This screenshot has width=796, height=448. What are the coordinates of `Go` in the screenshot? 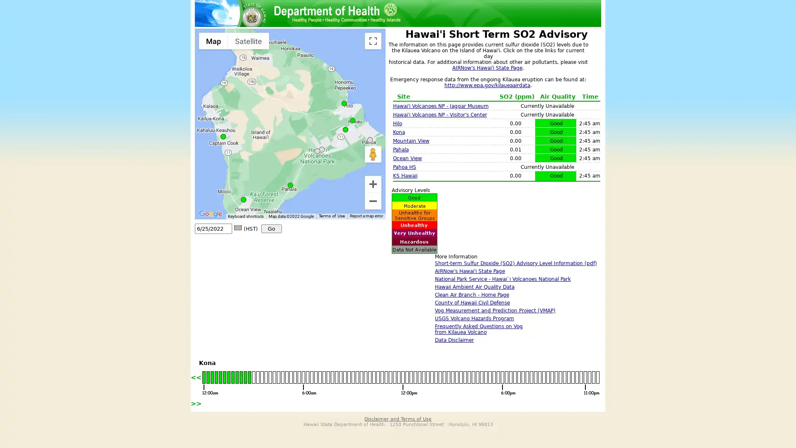 It's located at (271, 229).